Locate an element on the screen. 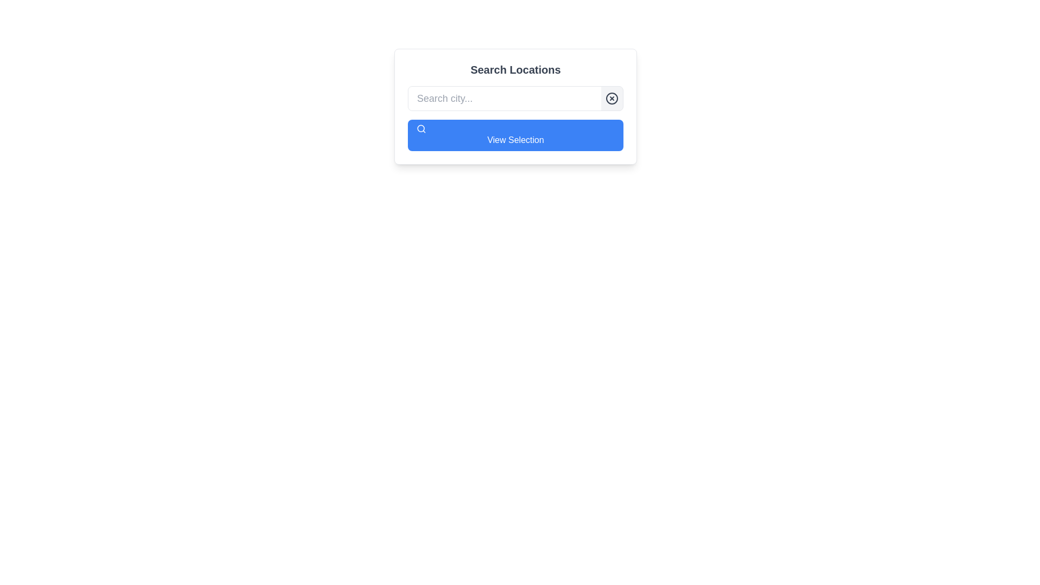 This screenshot has height=585, width=1040. the clear button icon located at the far right end of the horizontal layout to clear the text from the adjacent input field is located at coordinates (612, 98).